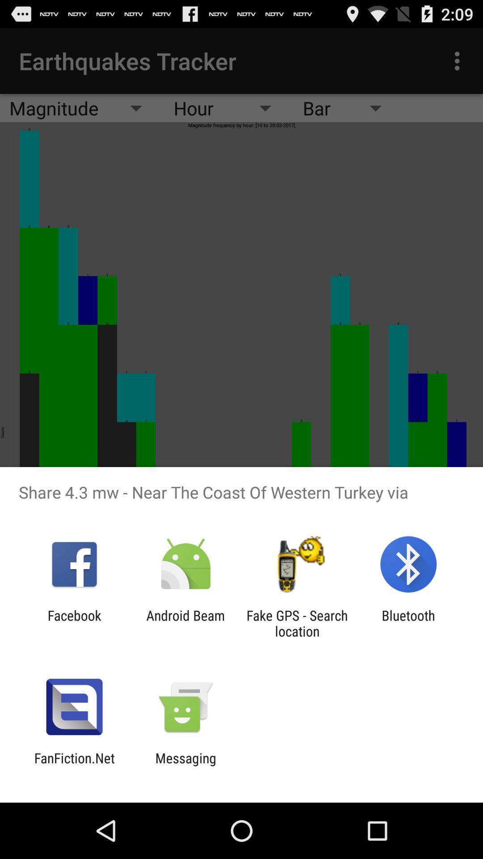 The height and width of the screenshot is (859, 483). I want to click on the app next to bluetooth item, so click(297, 623).